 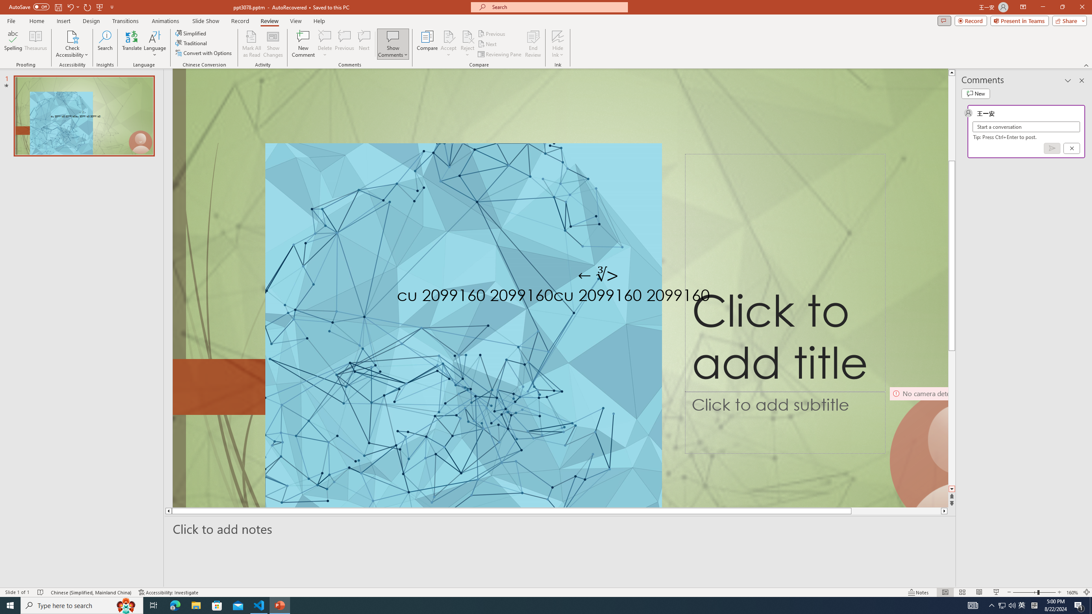 What do you see at coordinates (12, 44) in the screenshot?
I see `'Spelling...'` at bounding box center [12, 44].